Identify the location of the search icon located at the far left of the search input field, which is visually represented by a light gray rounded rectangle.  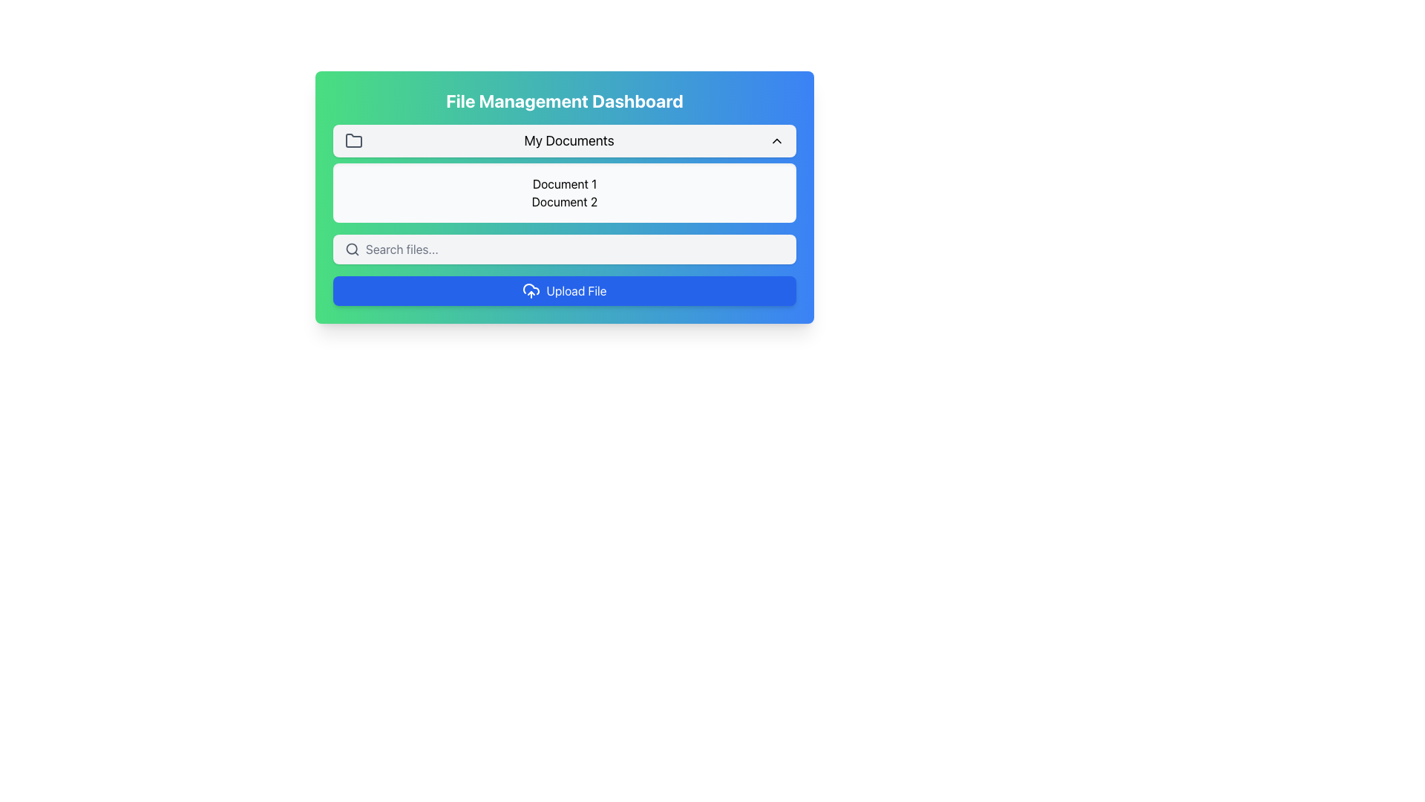
(352, 248).